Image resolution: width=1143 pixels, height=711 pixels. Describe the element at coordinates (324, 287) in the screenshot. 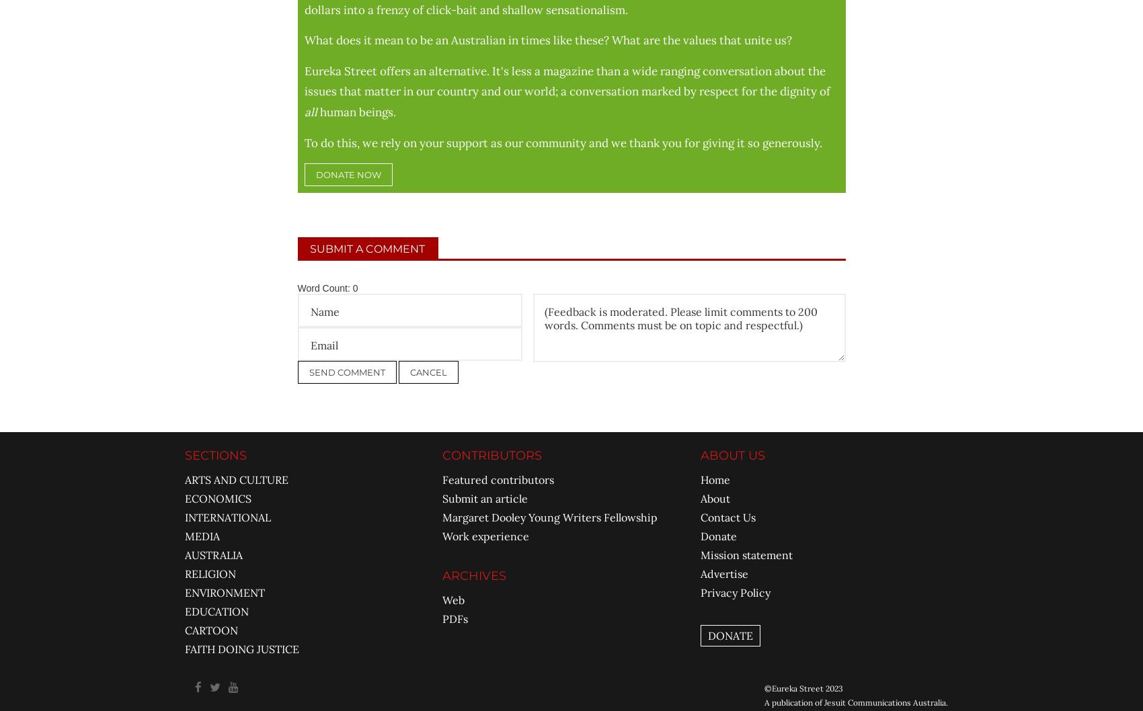

I see `'Word Count:'` at that location.